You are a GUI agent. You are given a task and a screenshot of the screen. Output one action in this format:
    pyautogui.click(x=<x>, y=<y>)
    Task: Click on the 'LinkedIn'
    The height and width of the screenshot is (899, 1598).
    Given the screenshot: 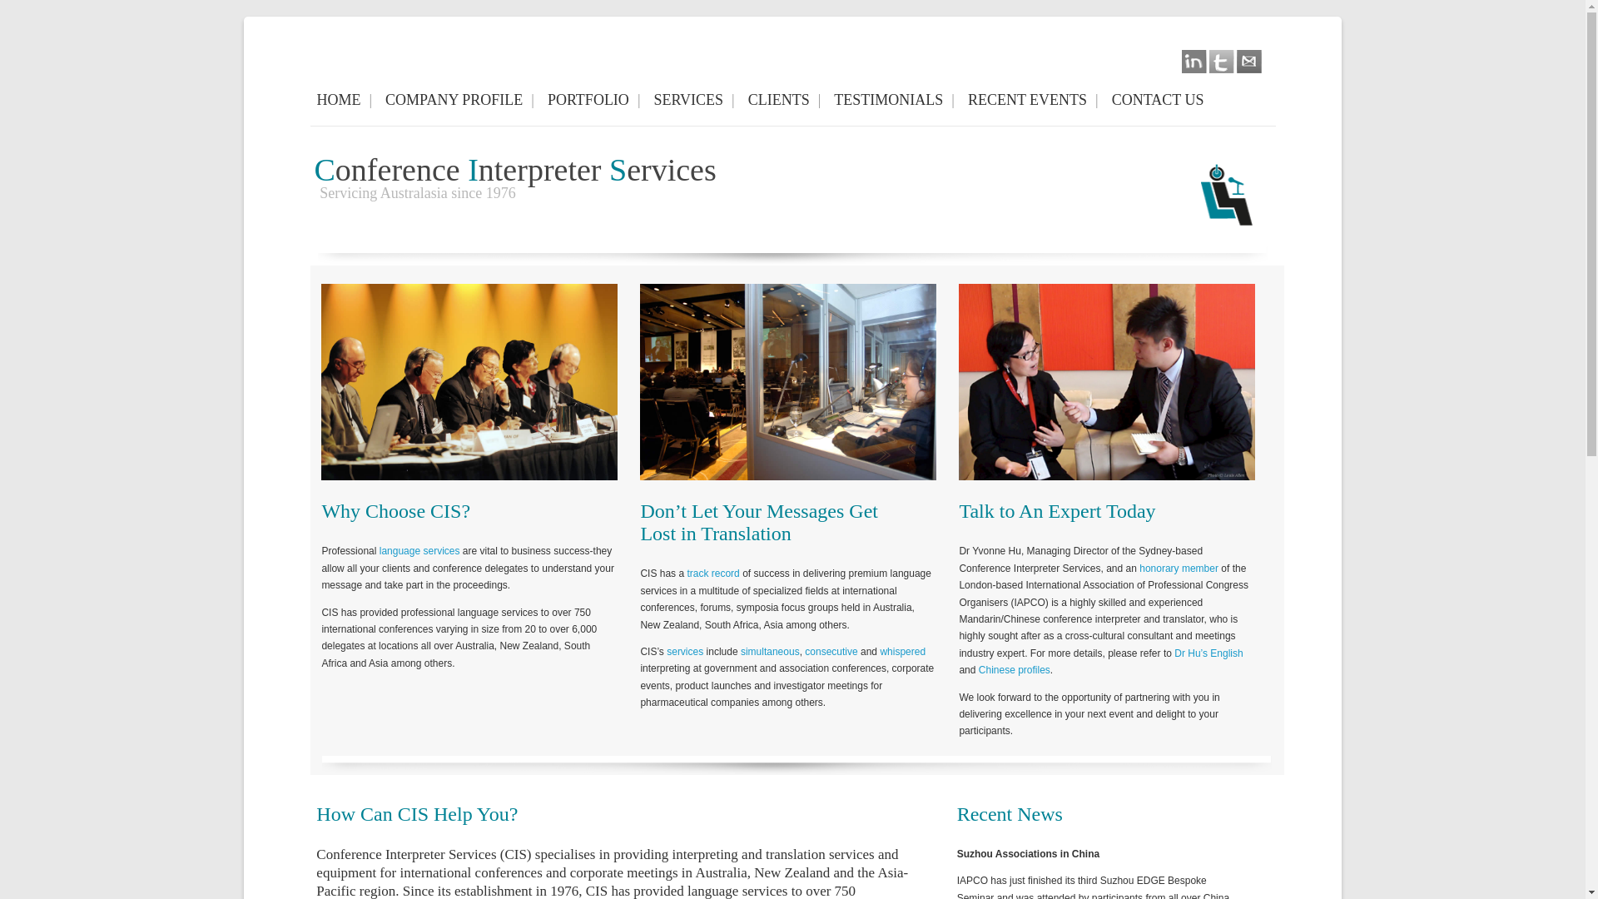 What is the action you would take?
    pyautogui.click(x=1194, y=61)
    